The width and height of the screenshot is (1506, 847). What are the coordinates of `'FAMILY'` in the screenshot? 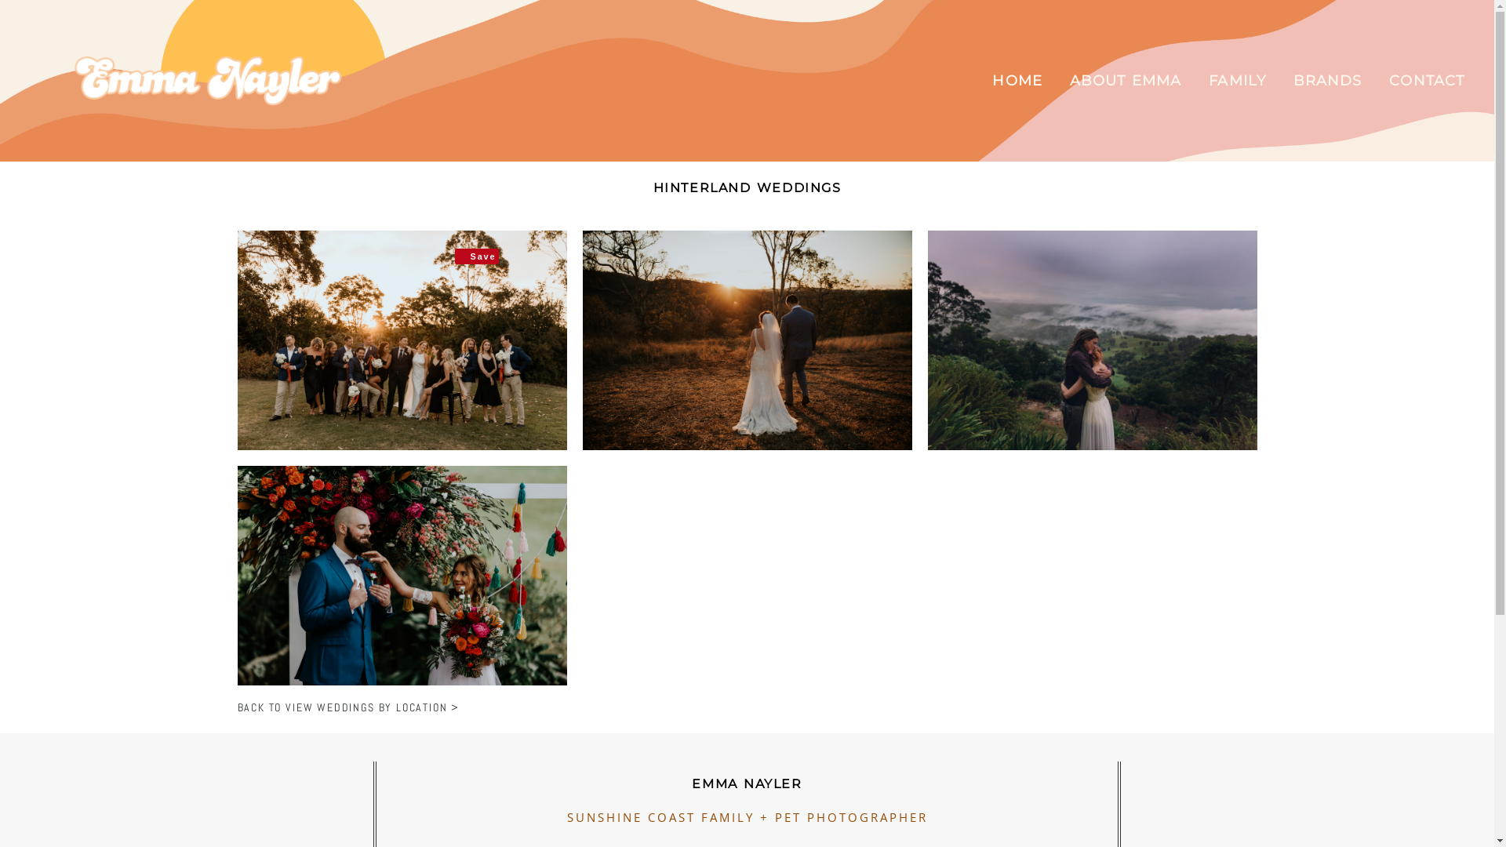 It's located at (1207, 81).